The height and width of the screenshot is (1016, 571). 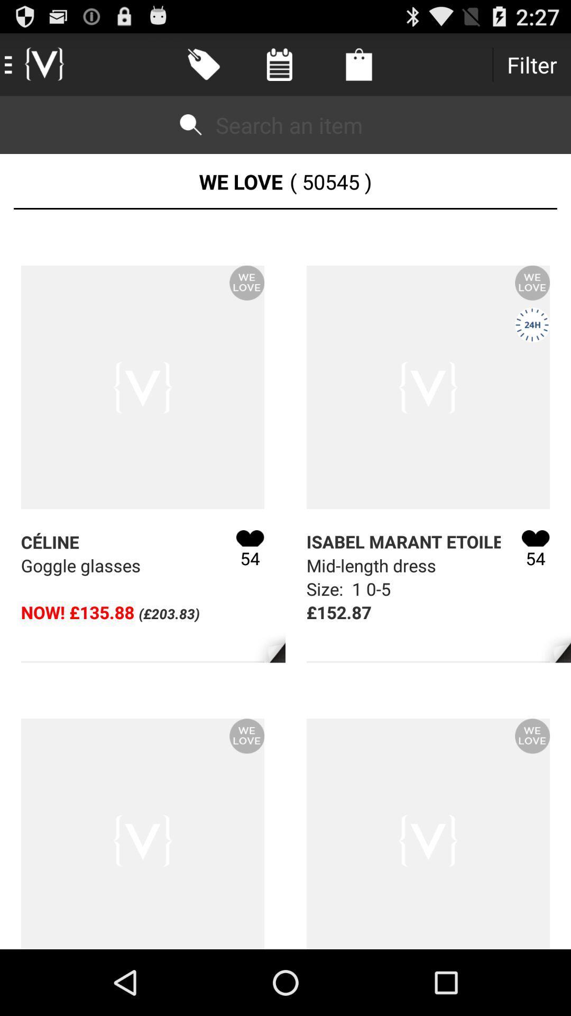 I want to click on the my wishlist  icon beside text celine, so click(x=250, y=538).